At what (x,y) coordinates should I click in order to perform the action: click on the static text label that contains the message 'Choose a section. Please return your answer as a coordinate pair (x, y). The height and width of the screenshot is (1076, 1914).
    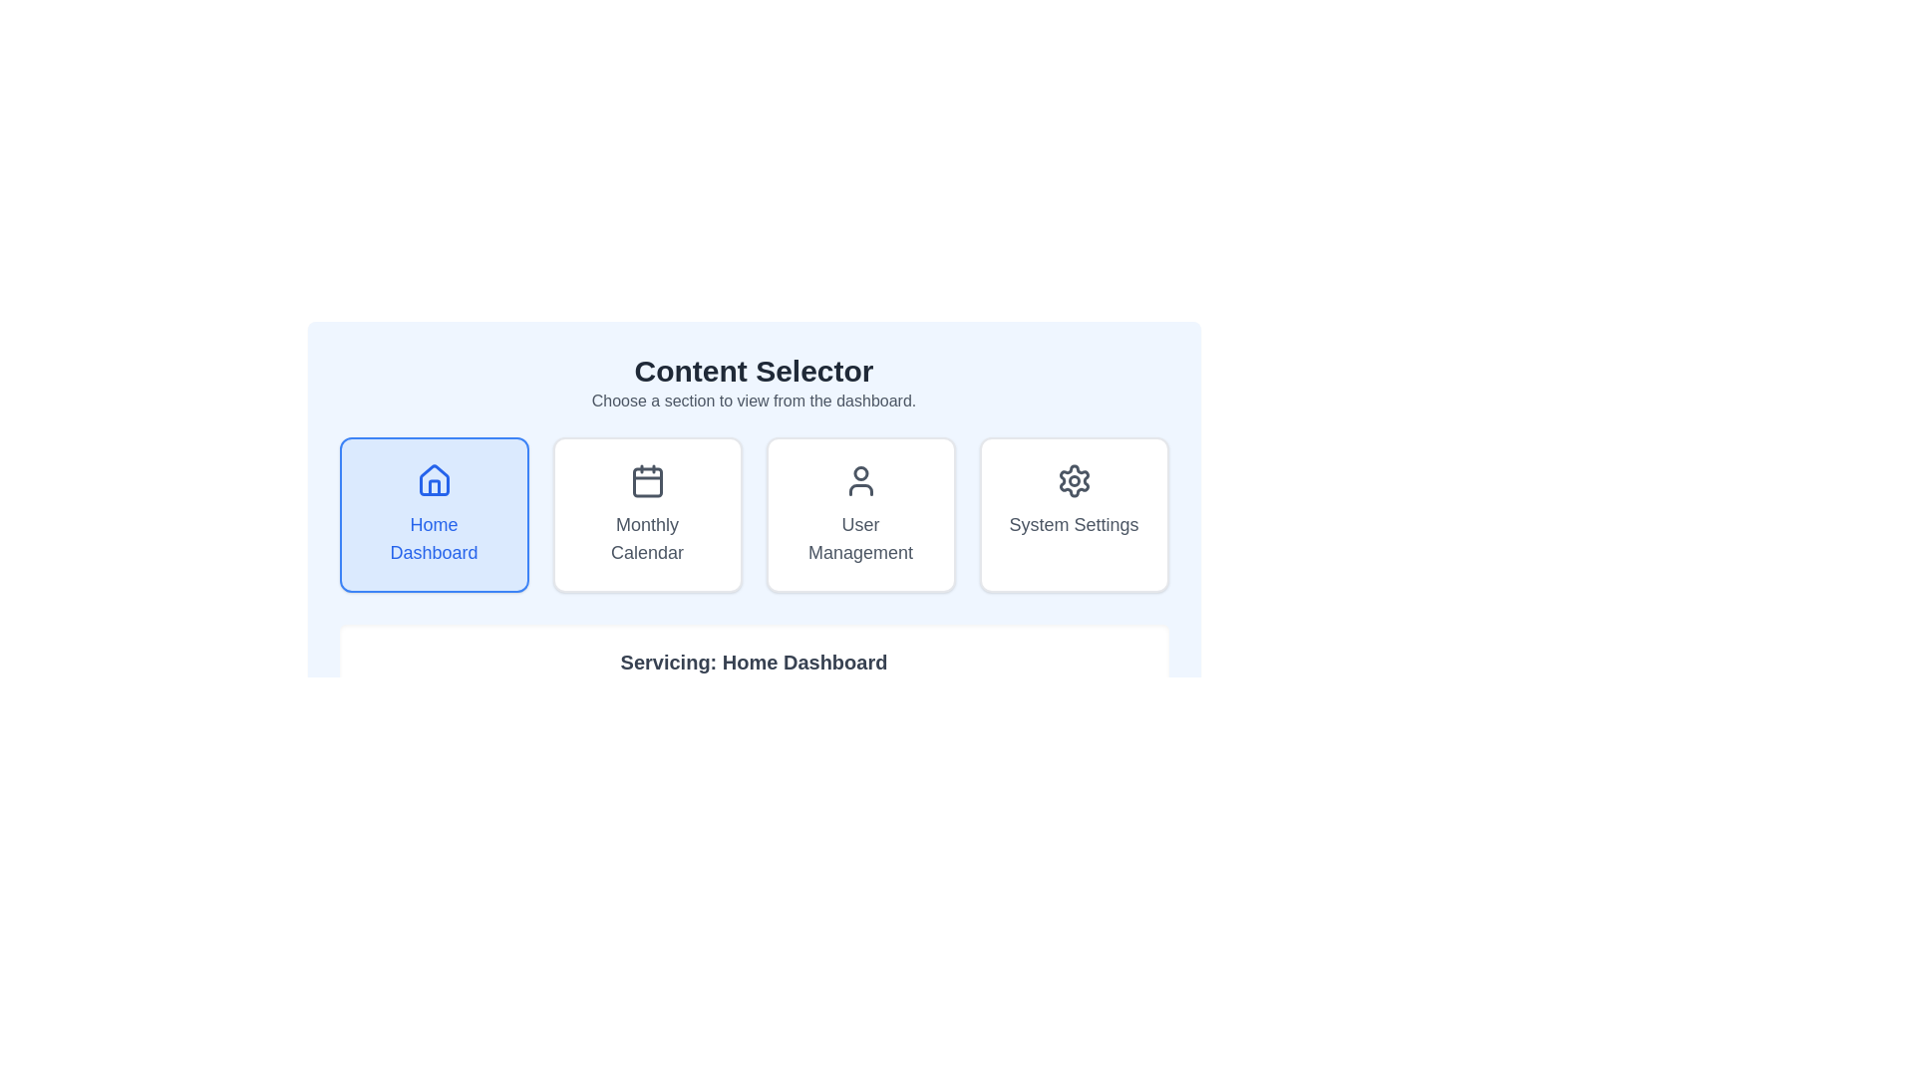
    Looking at the image, I should click on (753, 401).